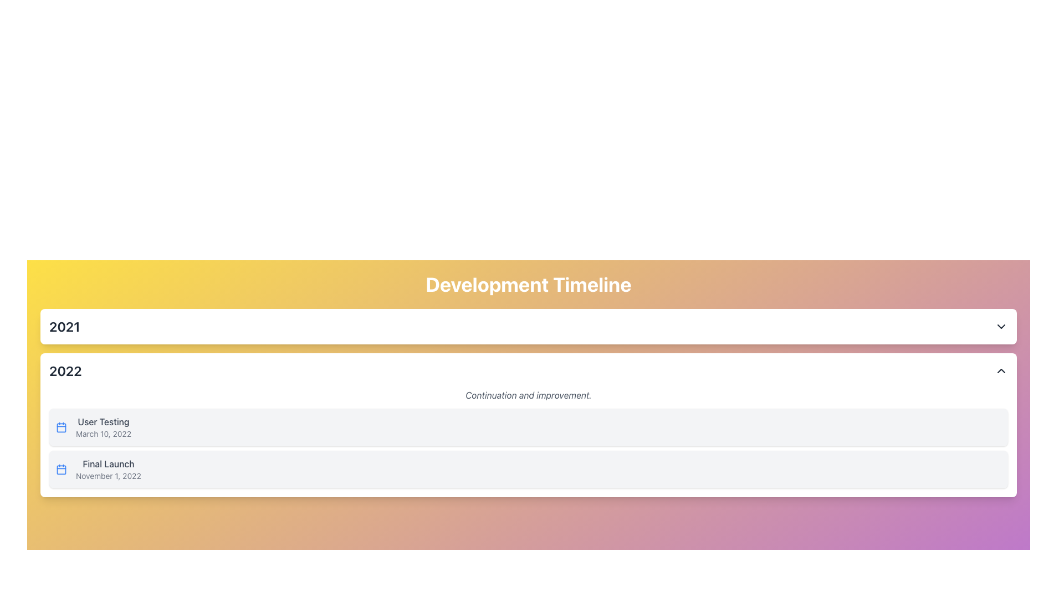  I want to click on the italicized gray text saying 'Continuation and improvement.' located within the '2022' section, which is positioned above the 'User Testing' and 'Final Launch' subsections, so click(528, 394).